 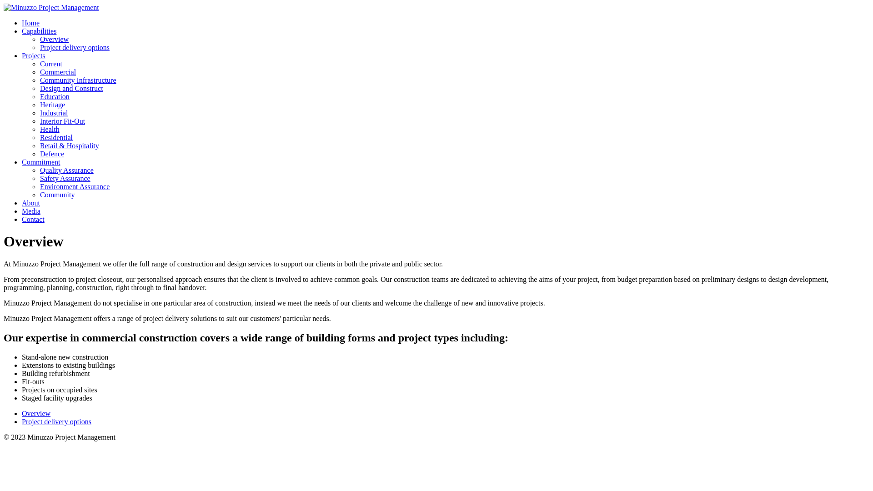 What do you see at coordinates (75, 186) in the screenshot?
I see `'Environment Assurance'` at bounding box center [75, 186].